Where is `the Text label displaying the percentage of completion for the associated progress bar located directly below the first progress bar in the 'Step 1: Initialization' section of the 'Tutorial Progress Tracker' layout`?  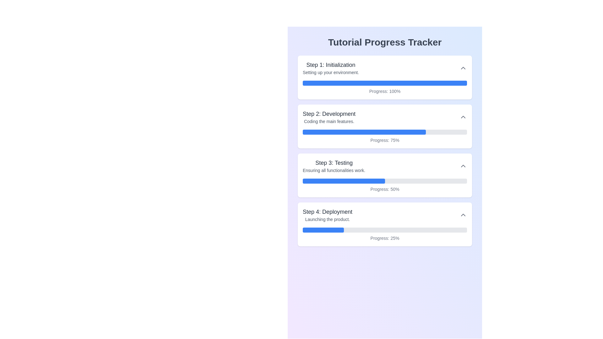 the Text label displaying the percentage of completion for the associated progress bar located directly below the first progress bar in the 'Step 1: Initialization' section of the 'Tutorial Progress Tracker' layout is located at coordinates (384, 91).